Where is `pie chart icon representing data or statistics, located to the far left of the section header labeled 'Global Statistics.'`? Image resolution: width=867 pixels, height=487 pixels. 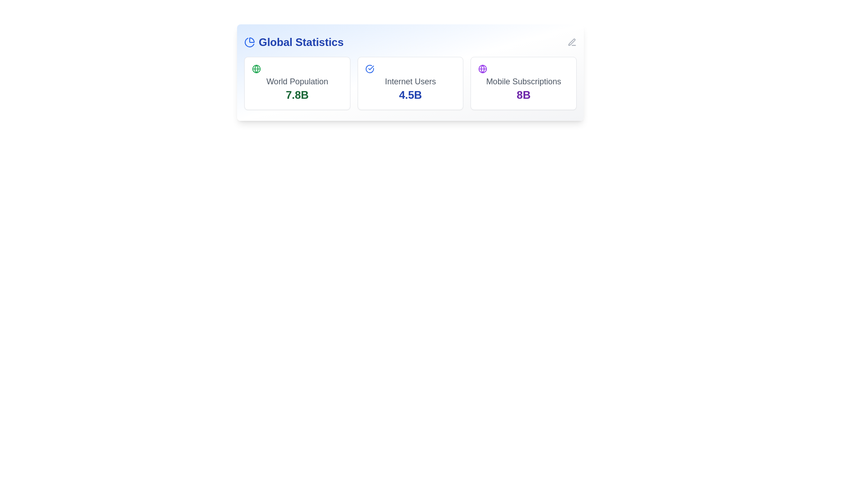 pie chart icon representing data or statistics, located to the far left of the section header labeled 'Global Statistics.' is located at coordinates (249, 42).